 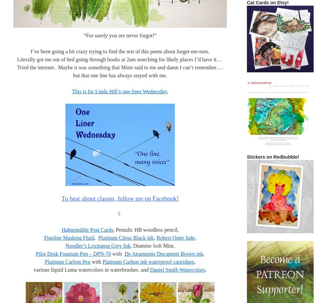 What do you see at coordinates (273, 157) in the screenshot?
I see `'Stickers on Redbubble!'` at bounding box center [273, 157].